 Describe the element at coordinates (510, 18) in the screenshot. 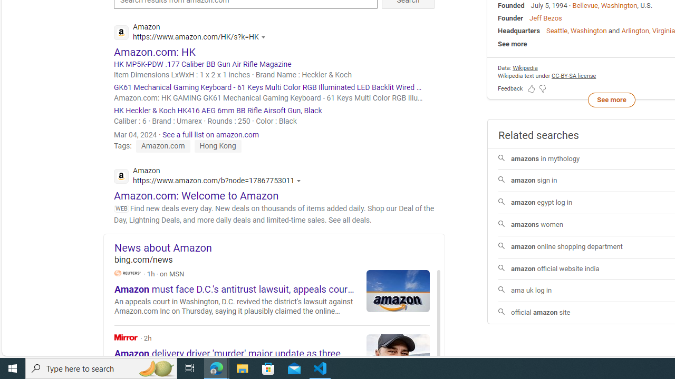

I see `'Founder'` at that location.